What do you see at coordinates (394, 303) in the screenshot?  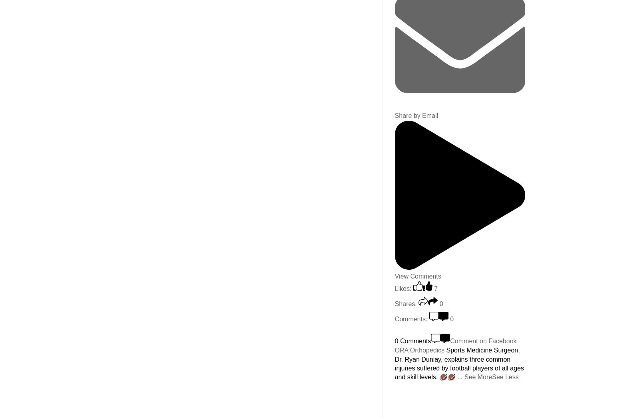 I see `'Shares:'` at bounding box center [394, 303].